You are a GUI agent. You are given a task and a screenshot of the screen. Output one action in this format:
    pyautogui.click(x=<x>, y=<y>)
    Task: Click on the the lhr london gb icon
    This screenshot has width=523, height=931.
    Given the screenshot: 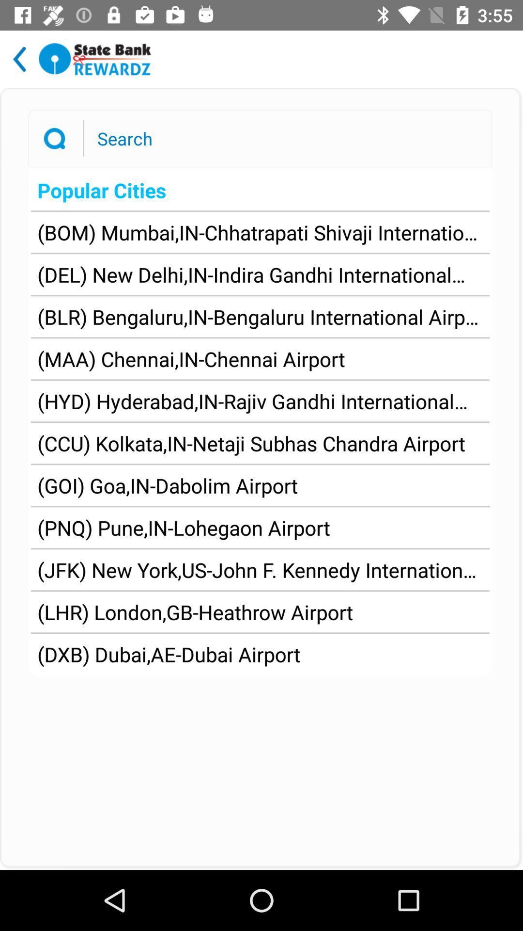 What is the action you would take?
    pyautogui.click(x=195, y=611)
    